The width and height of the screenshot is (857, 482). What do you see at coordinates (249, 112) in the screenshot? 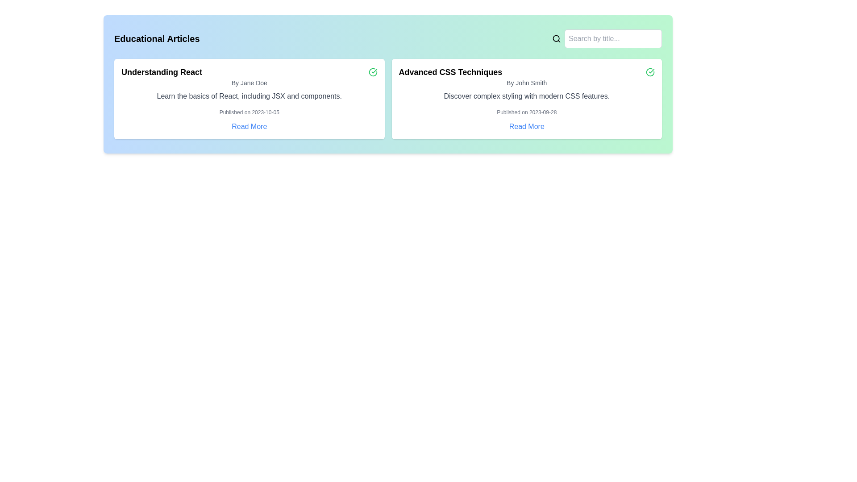
I see `the static text element that reads 'Published on 2023-10-05', which is located above the 'Read More' link and below the description of 'Understanding React'` at bounding box center [249, 112].